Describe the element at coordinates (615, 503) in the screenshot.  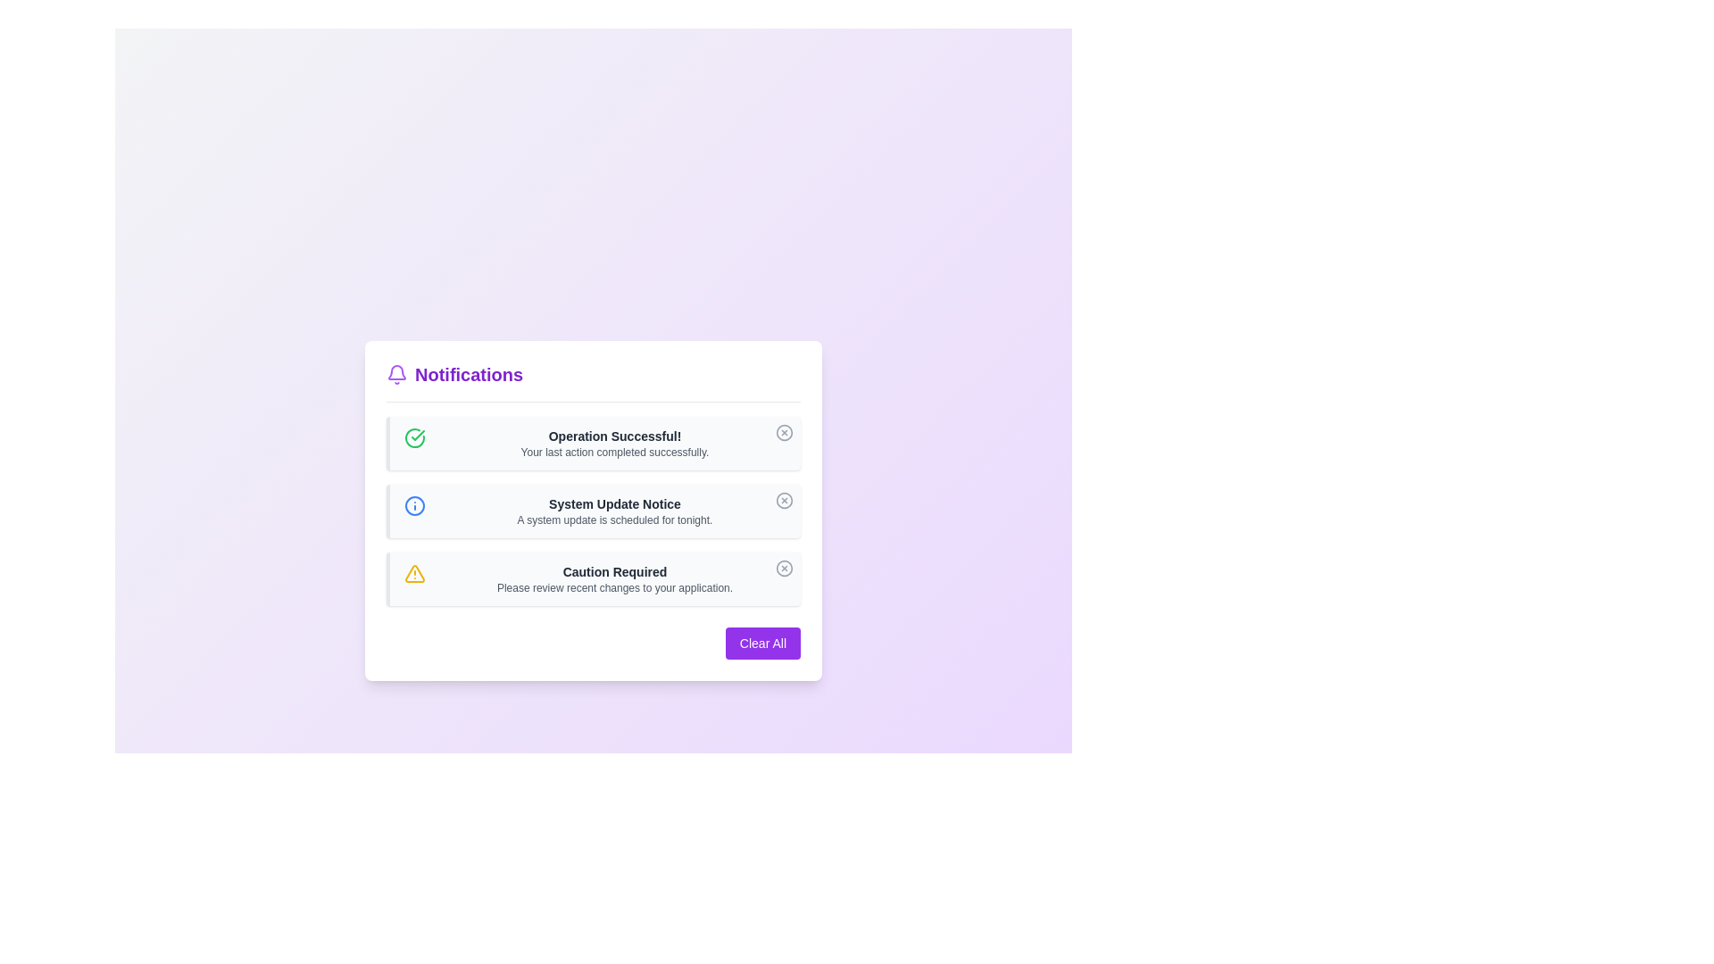
I see `static text label 'System Update Notice' which is displayed in bold grayish-black font within the second notification card` at that location.